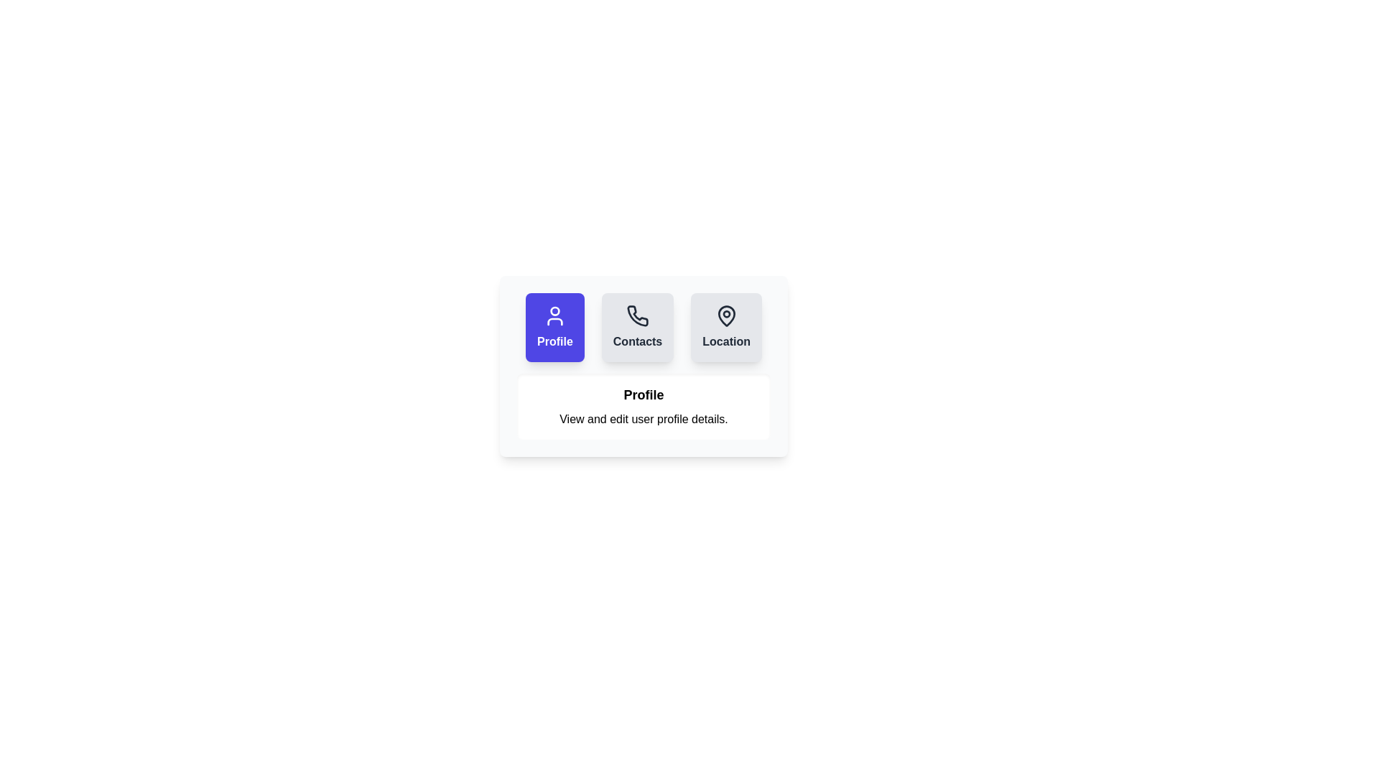  I want to click on the Contacts tab by clicking its button, so click(637, 327).